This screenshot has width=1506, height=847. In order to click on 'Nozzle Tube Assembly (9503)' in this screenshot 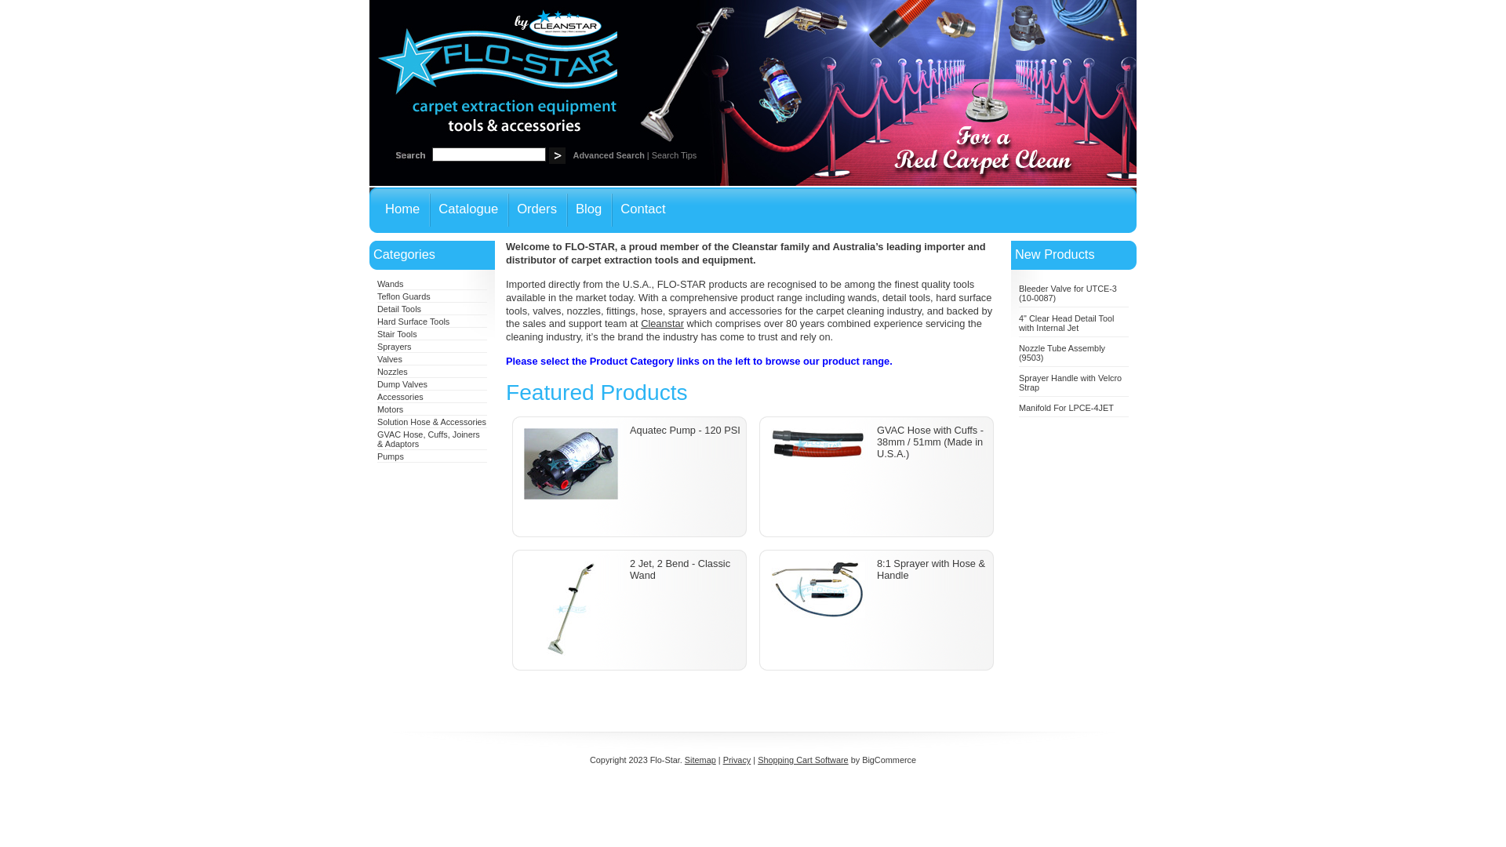, I will do `click(1061, 353)`.